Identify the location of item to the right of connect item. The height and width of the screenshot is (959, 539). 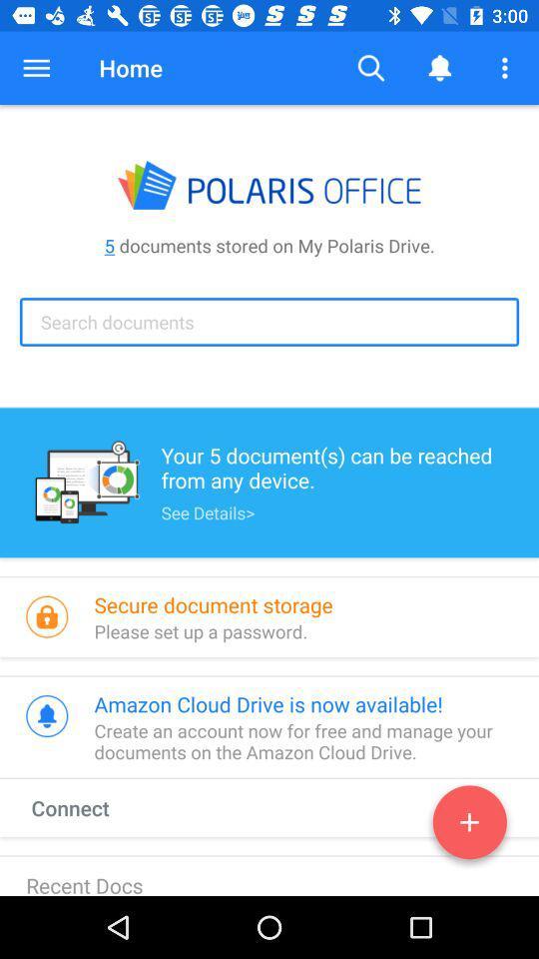
(469, 826).